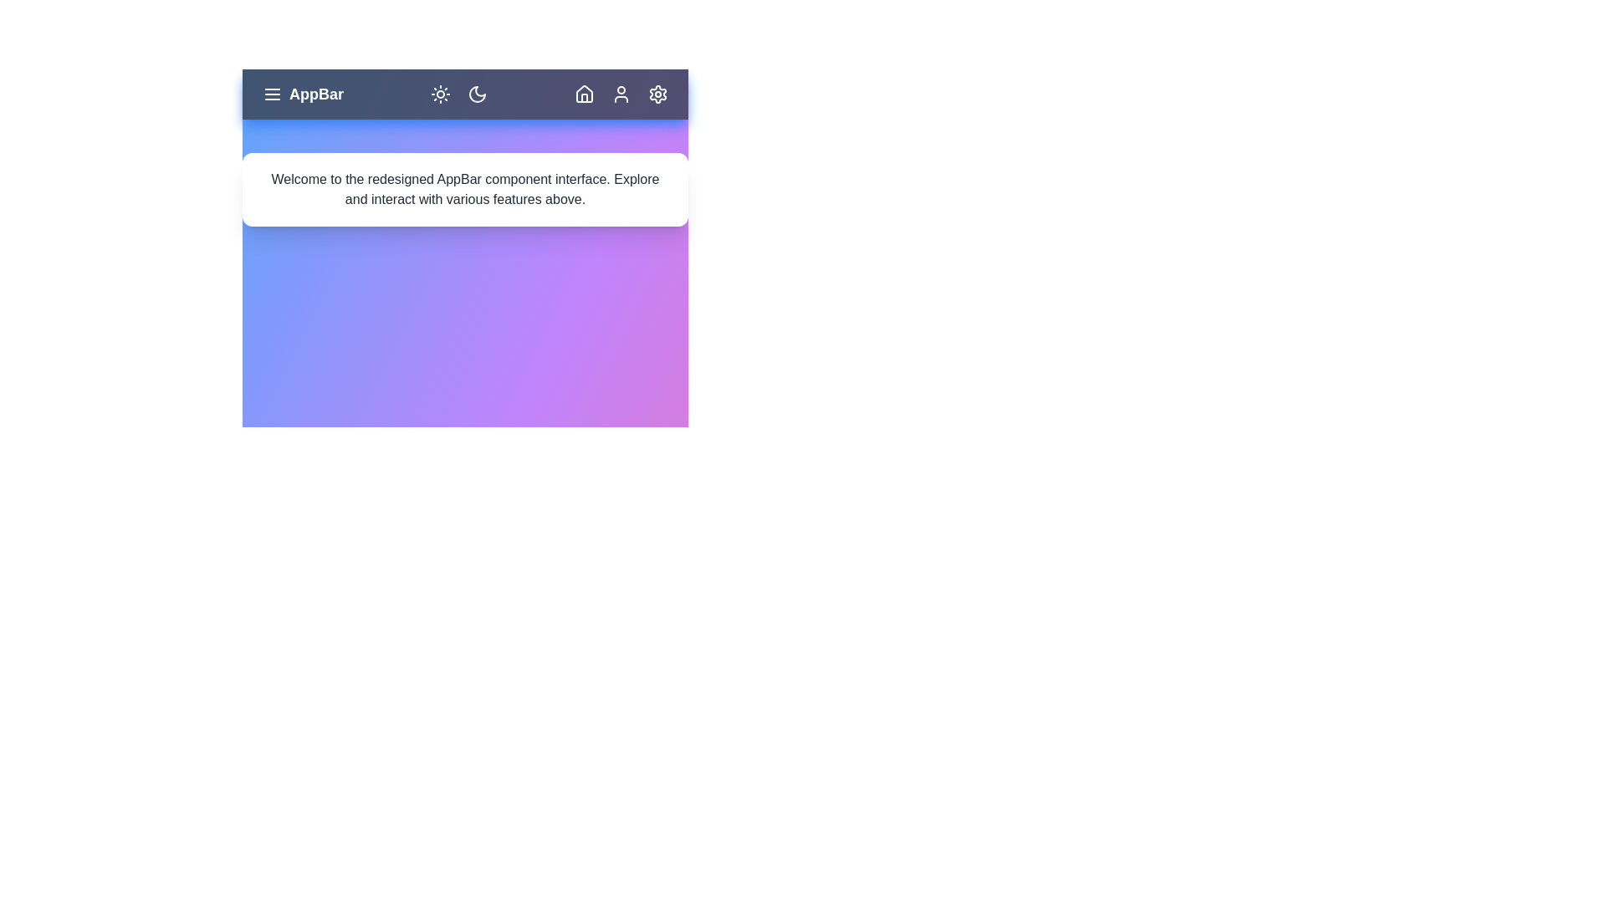 This screenshot has height=903, width=1606. What do you see at coordinates (585, 94) in the screenshot?
I see `the home icon to navigate to the home page` at bounding box center [585, 94].